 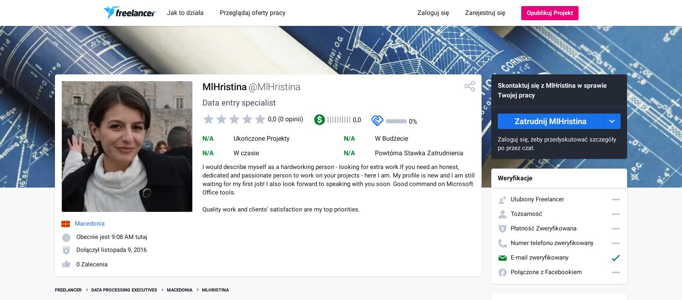 I want to click on 'Obecnie jest 9:08 AM tutaj', so click(x=112, y=236).